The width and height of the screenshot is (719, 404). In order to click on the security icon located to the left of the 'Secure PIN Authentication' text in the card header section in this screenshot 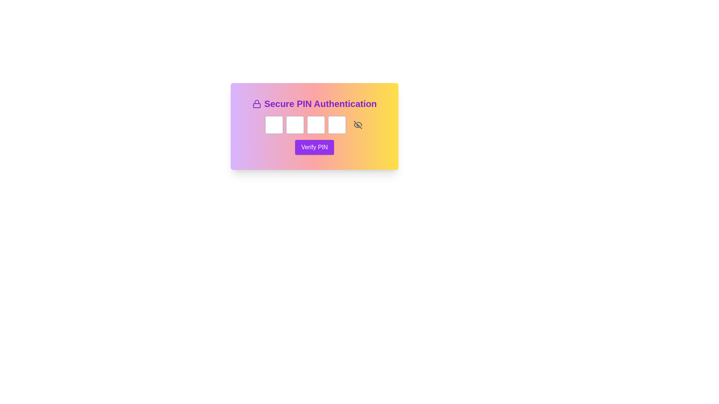, I will do `click(257, 104)`.